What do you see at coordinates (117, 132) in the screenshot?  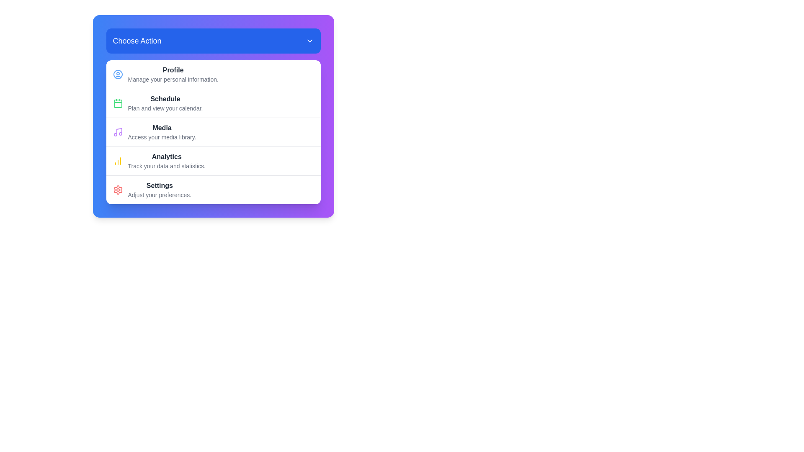 I see `the purple music note icon located in the 'Media' row of the menu, which is positioned to the left of the 'Media' text label` at bounding box center [117, 132].